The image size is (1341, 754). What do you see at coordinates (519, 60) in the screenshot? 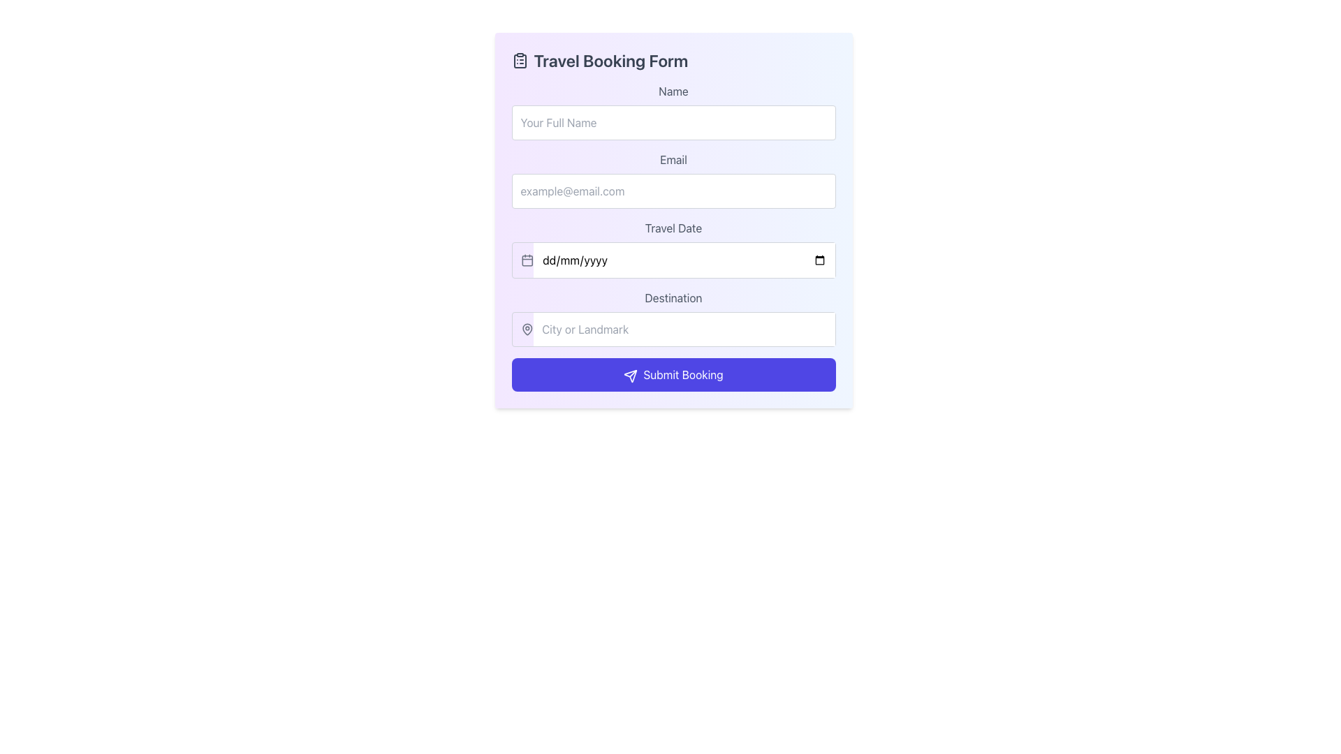
I see `clipboard list icon located to the left of the 'Travel Booking Form' text in the header section` at bounding box center [519, 60].